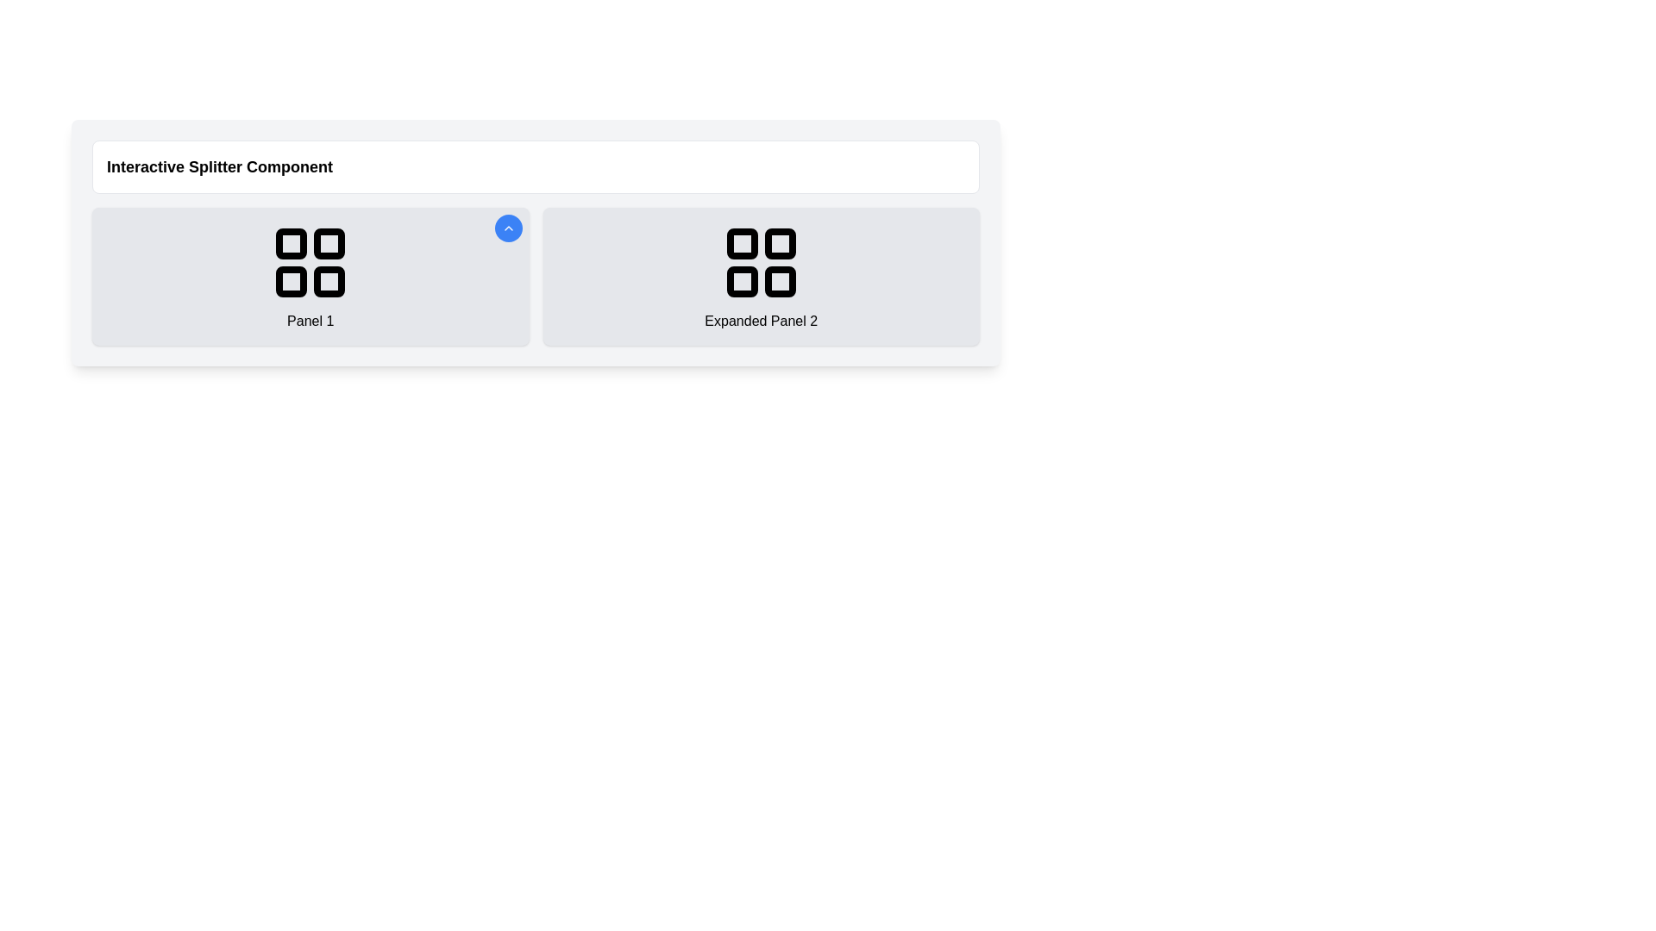 The width and height of the screenshot is (1656, 931). What do you see at coordinates (507, 228) in the screenshot?
I see `the chevron-up icon, which is outlined in a blue circular background and positioned in the top-right corner of 'Panel 1'` at bounding box center [507, 228].